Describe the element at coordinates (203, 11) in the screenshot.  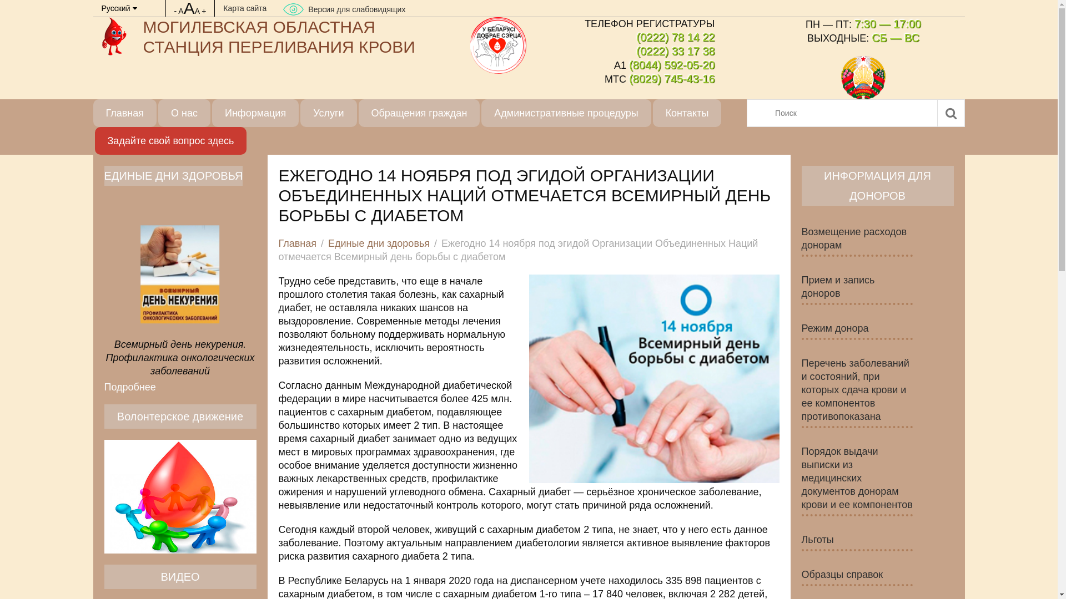
I see `'+'` at that location.